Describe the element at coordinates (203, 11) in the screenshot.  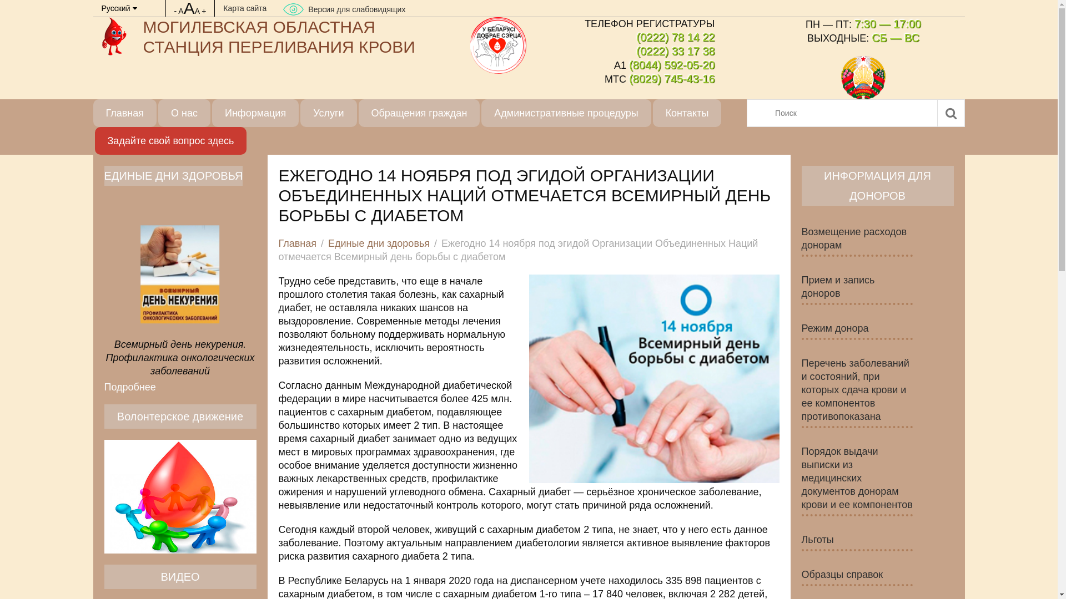
I see `'+'` at that location.